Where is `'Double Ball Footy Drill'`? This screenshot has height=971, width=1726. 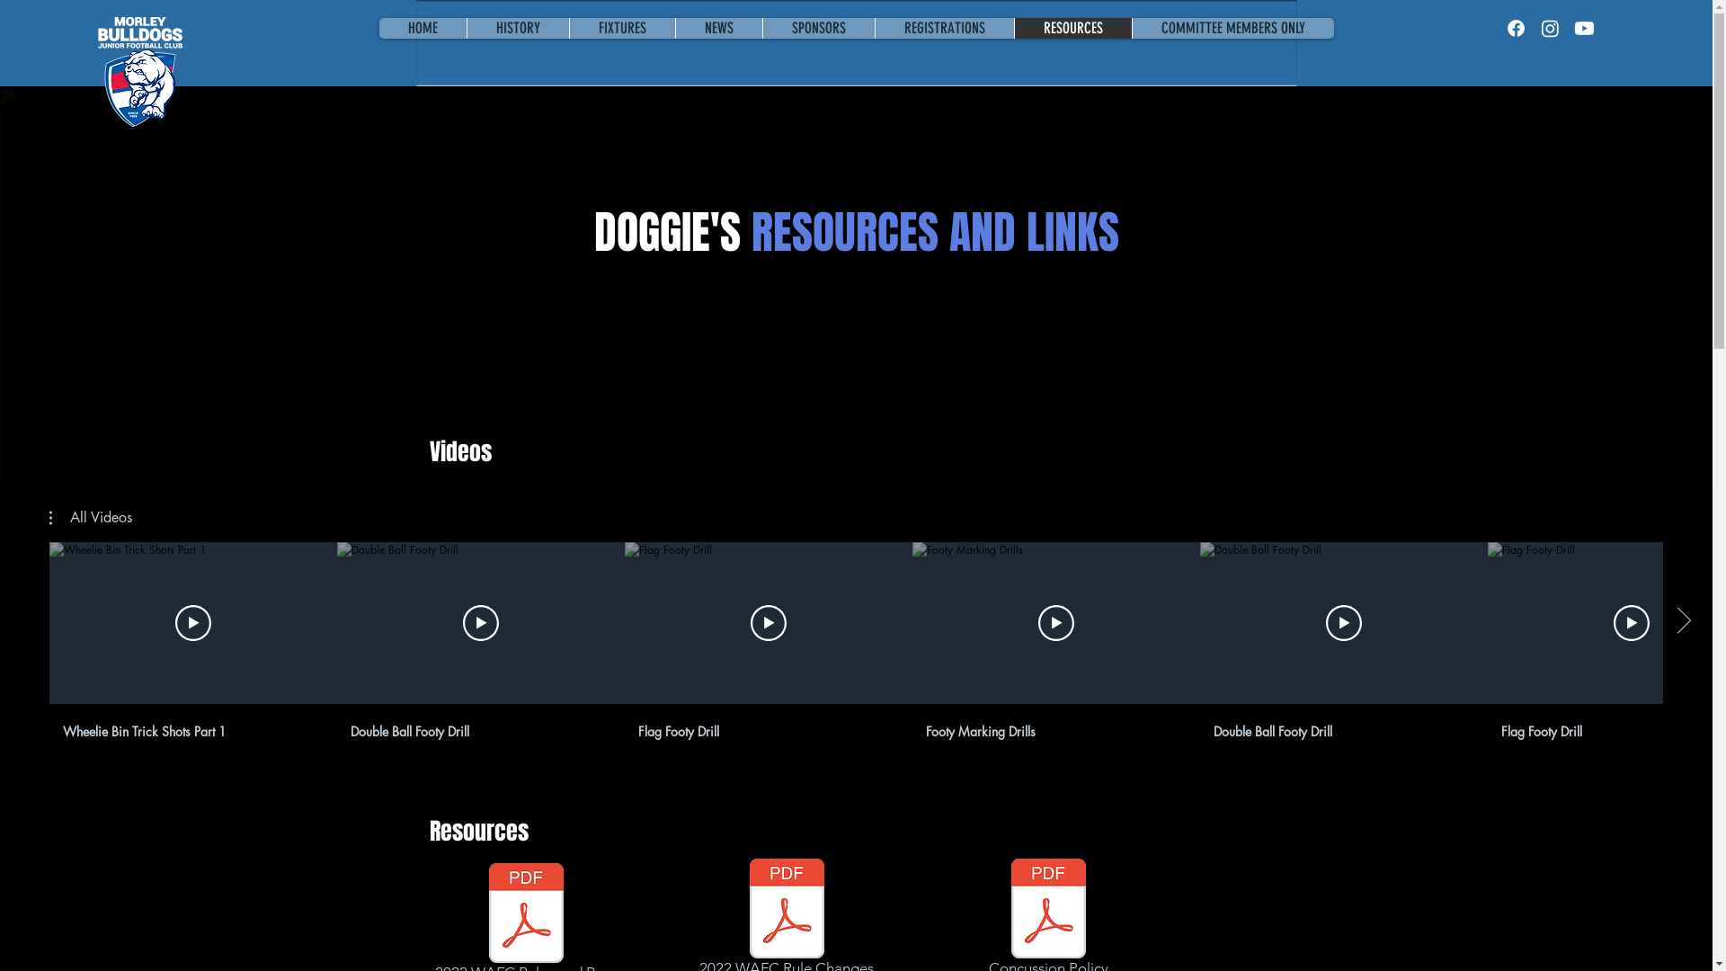 'Double Ball Footy Drill' is located at coordinates (473, 728).